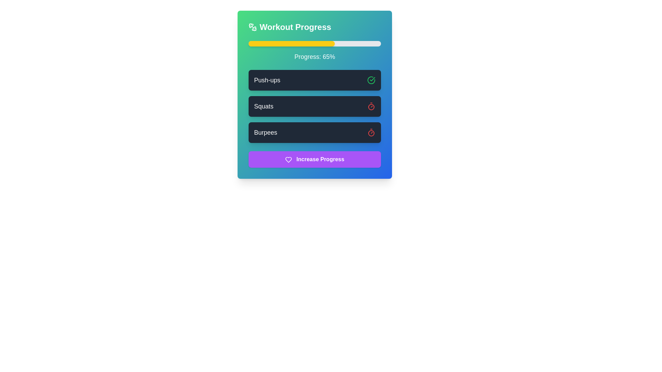 This screenshot has width=662, height=372. I want to click on the decorative segment of the icon located to the left of the 'Workout Progress' text at the top of the panel, so click(251, 25).